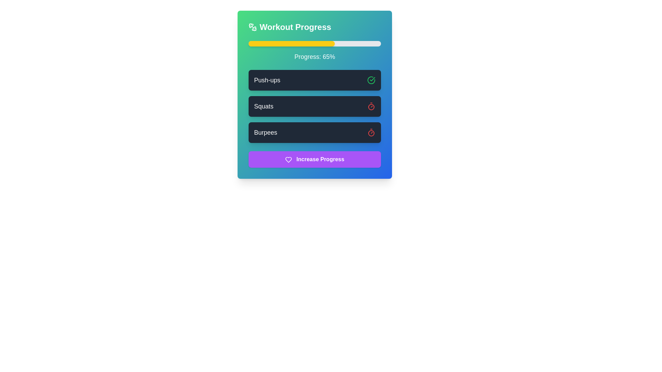 This screenshot has width=662, height=372. I want to click on the decorative segment of the icon located to the left of the 'Workout Progress' text at the top of the panel, so click(251, 25).